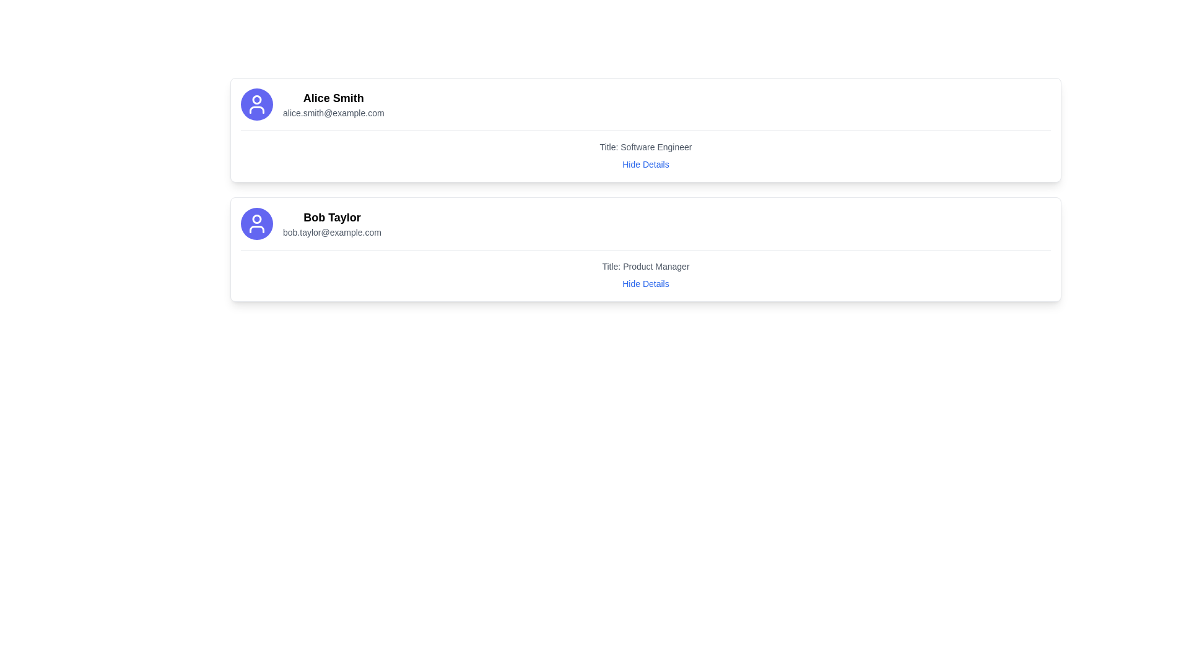 The width and height of the screenshot is (1189, 668). What do you see at coordinates (256, 104) in the screenshot?
I see `the user profile icon representing 'Alice Smith'` at bounding box center [256, 104].